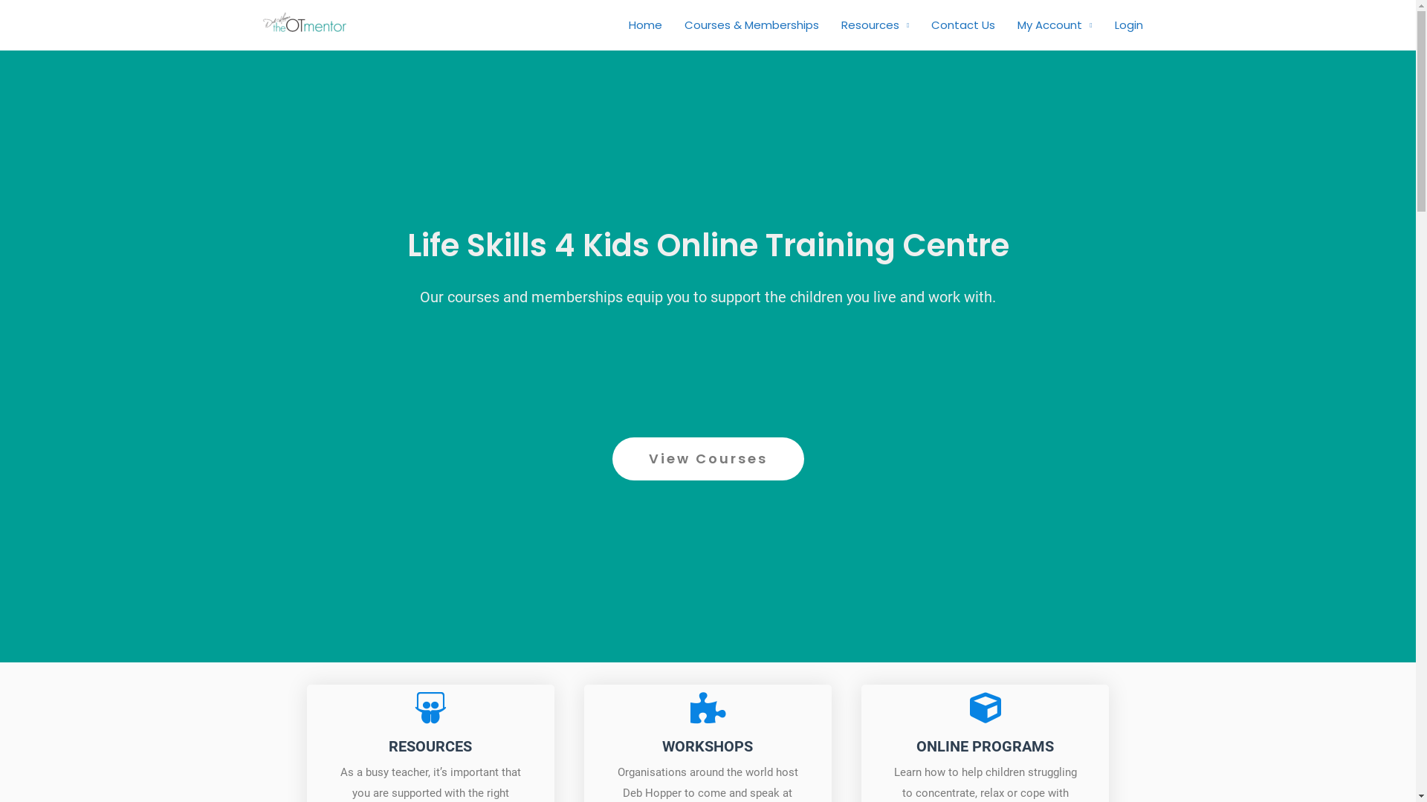  I want to click on 'Courses & Memberships', so click(751, 25).